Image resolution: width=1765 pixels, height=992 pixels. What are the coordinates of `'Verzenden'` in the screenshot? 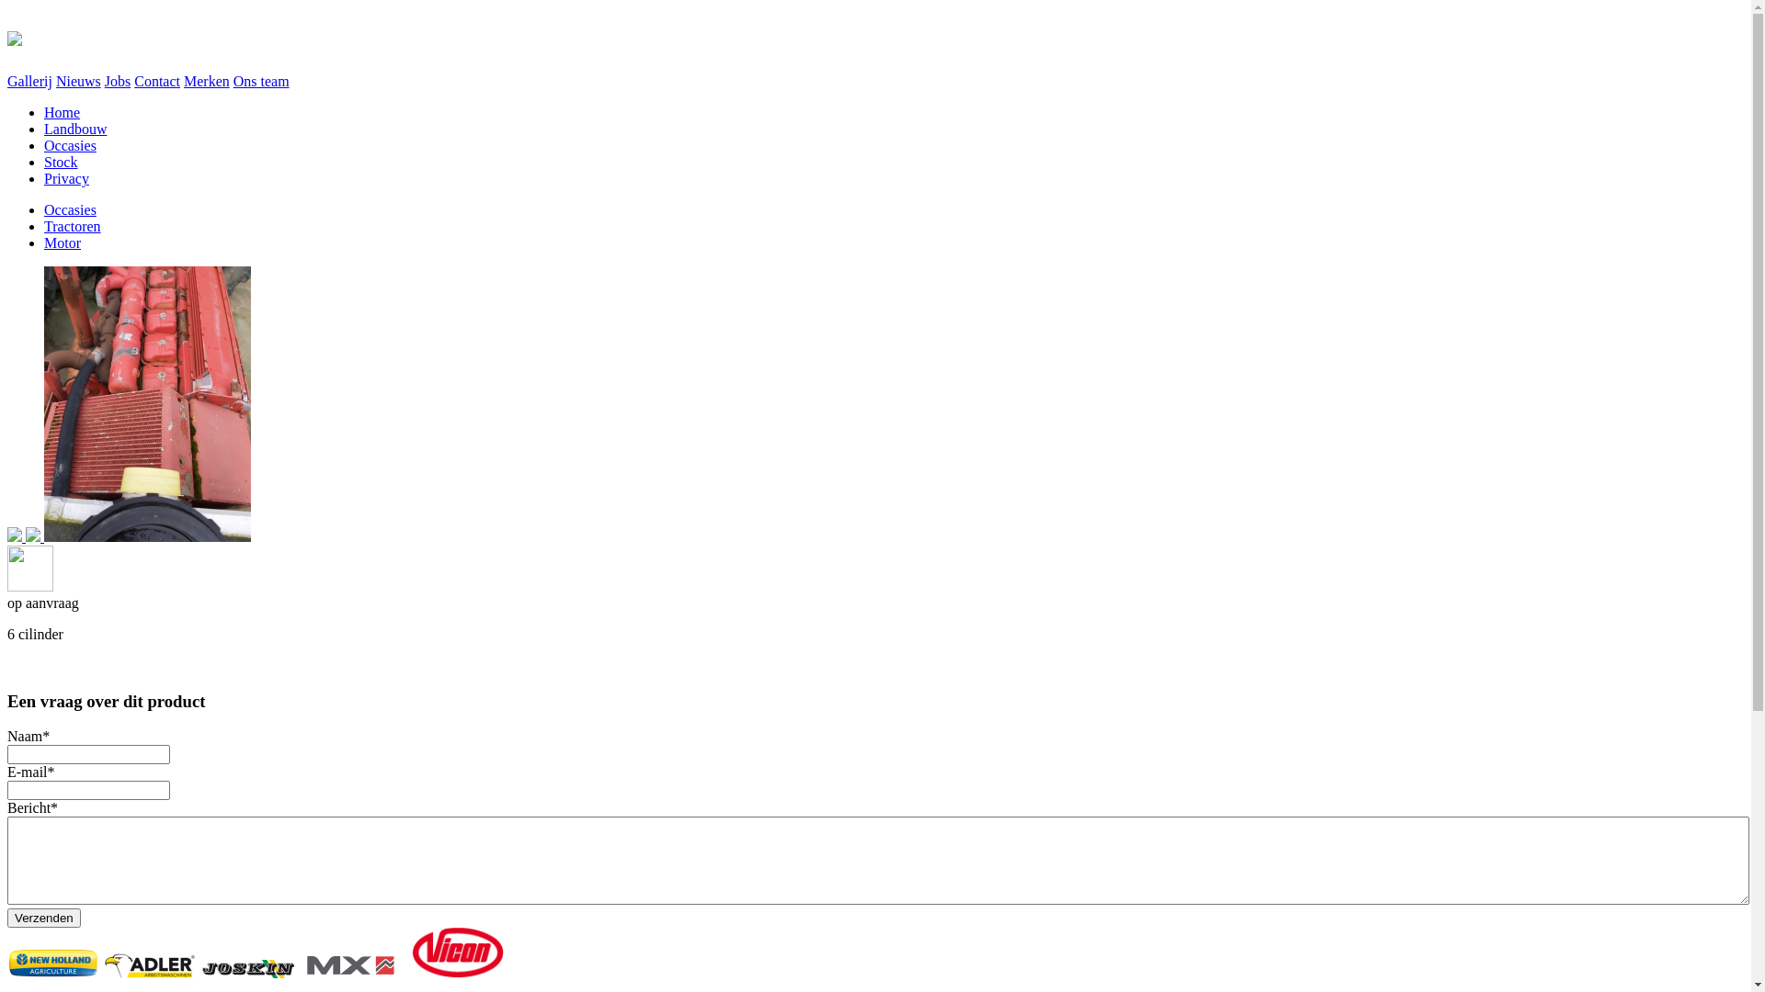 It's located at (44, 918).